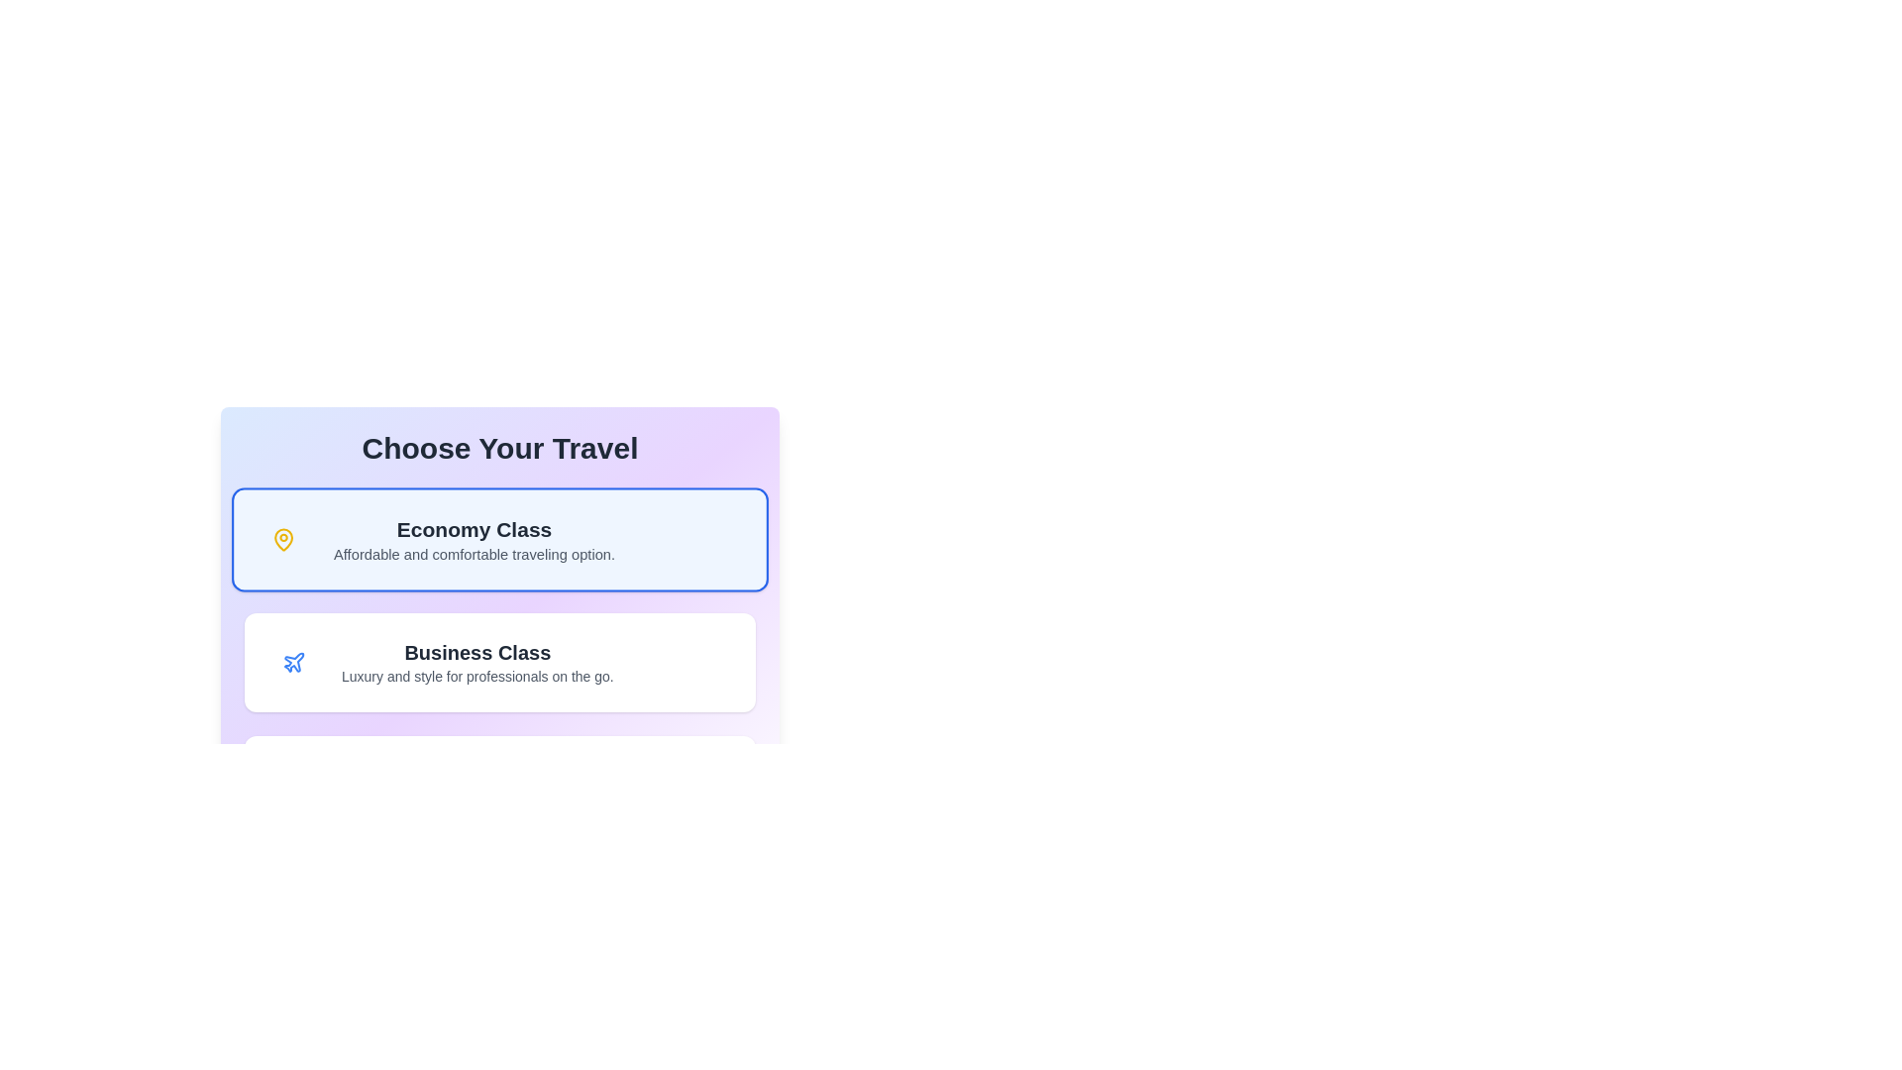  Describe the element at coordinates (499, 662) in the screenshot. I see `the 'Business Class' selectable card, which is the second card in a vertical stack` at that location.